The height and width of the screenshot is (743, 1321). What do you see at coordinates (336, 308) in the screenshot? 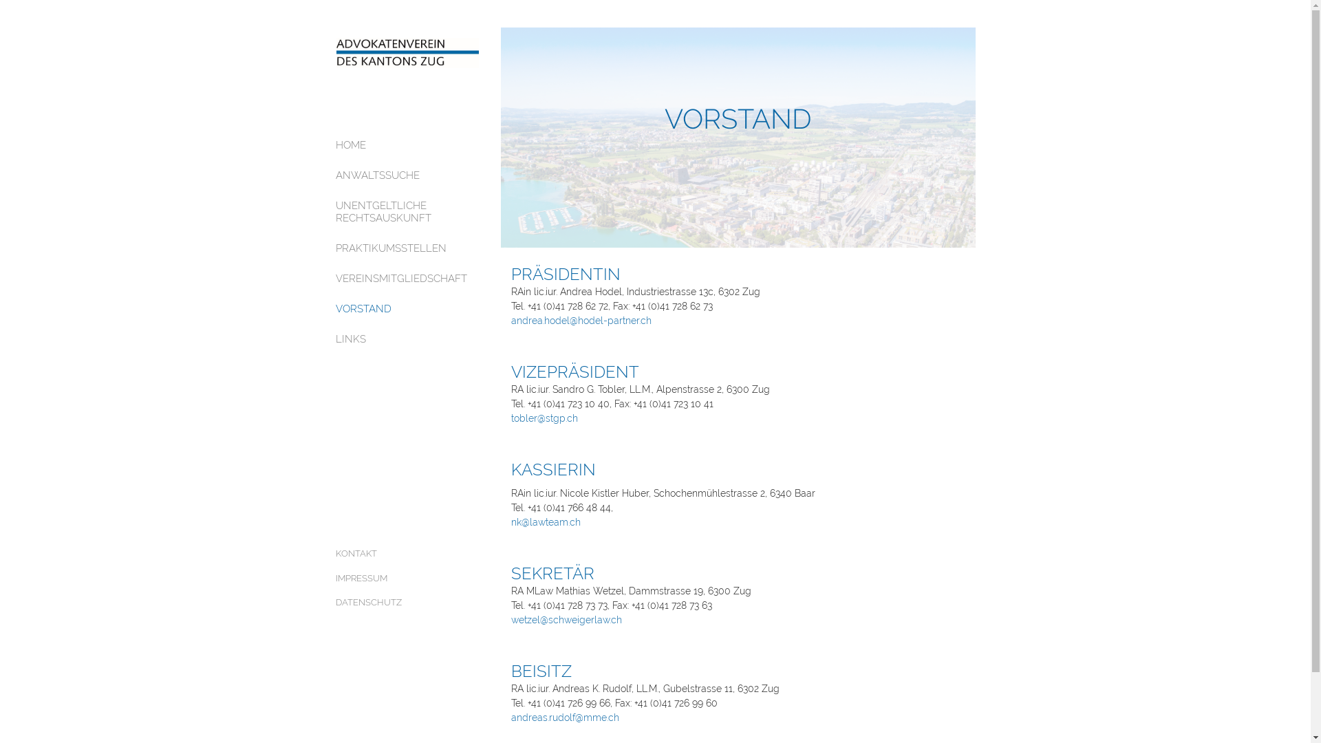
I see `'VORSTAND'` at bounding box center [336, 308].